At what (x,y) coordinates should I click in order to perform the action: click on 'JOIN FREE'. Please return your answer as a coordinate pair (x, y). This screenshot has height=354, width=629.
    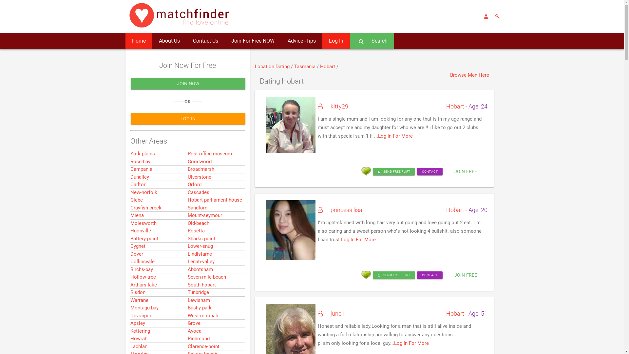
    Looking at the image, I should click on (465, 275).